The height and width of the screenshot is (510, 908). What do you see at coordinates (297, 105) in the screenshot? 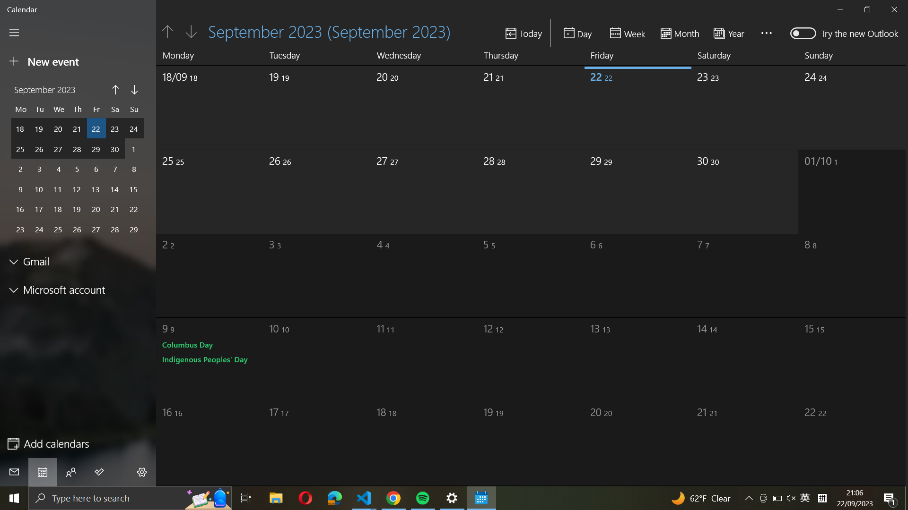
I see `September 19th` at bounding box center [297, 105].